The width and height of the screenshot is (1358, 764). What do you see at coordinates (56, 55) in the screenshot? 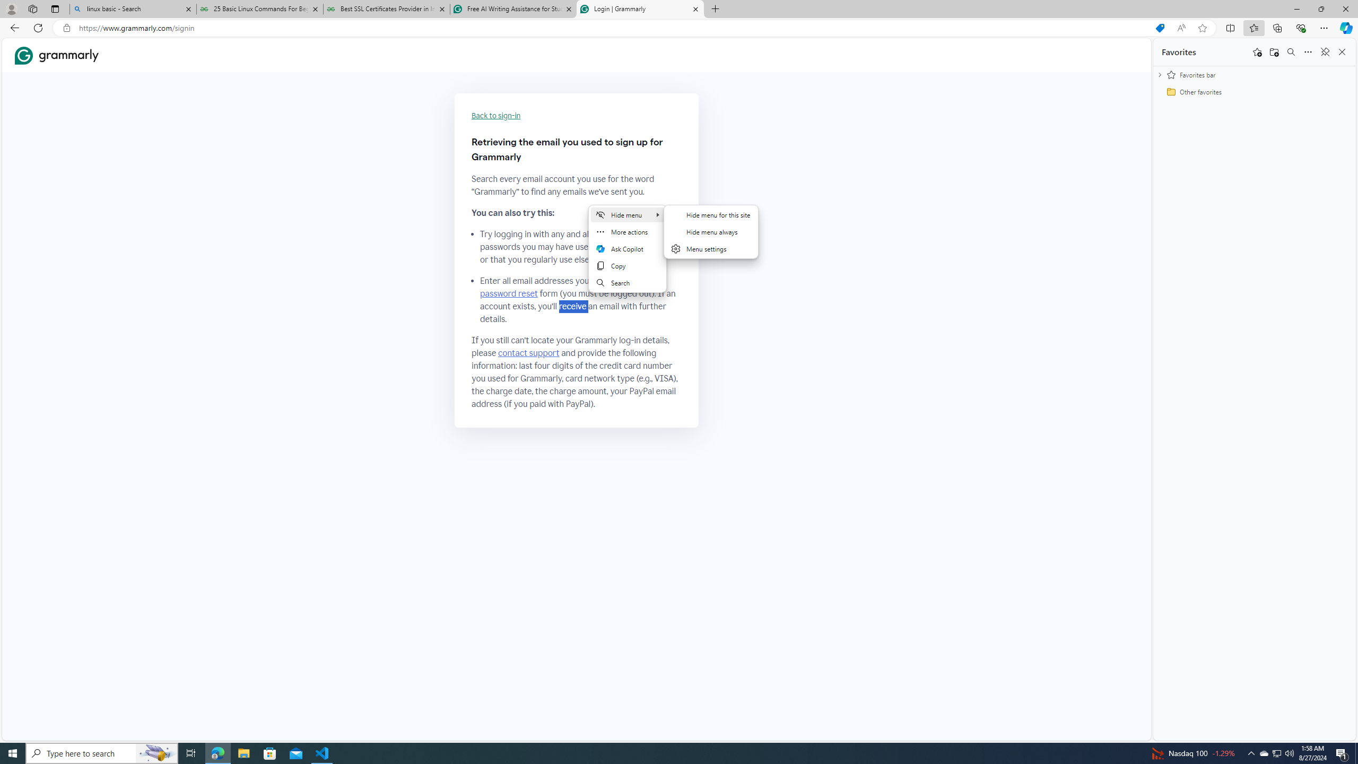
I see `'Grammarly Home'` at bounding box center [56, 55].